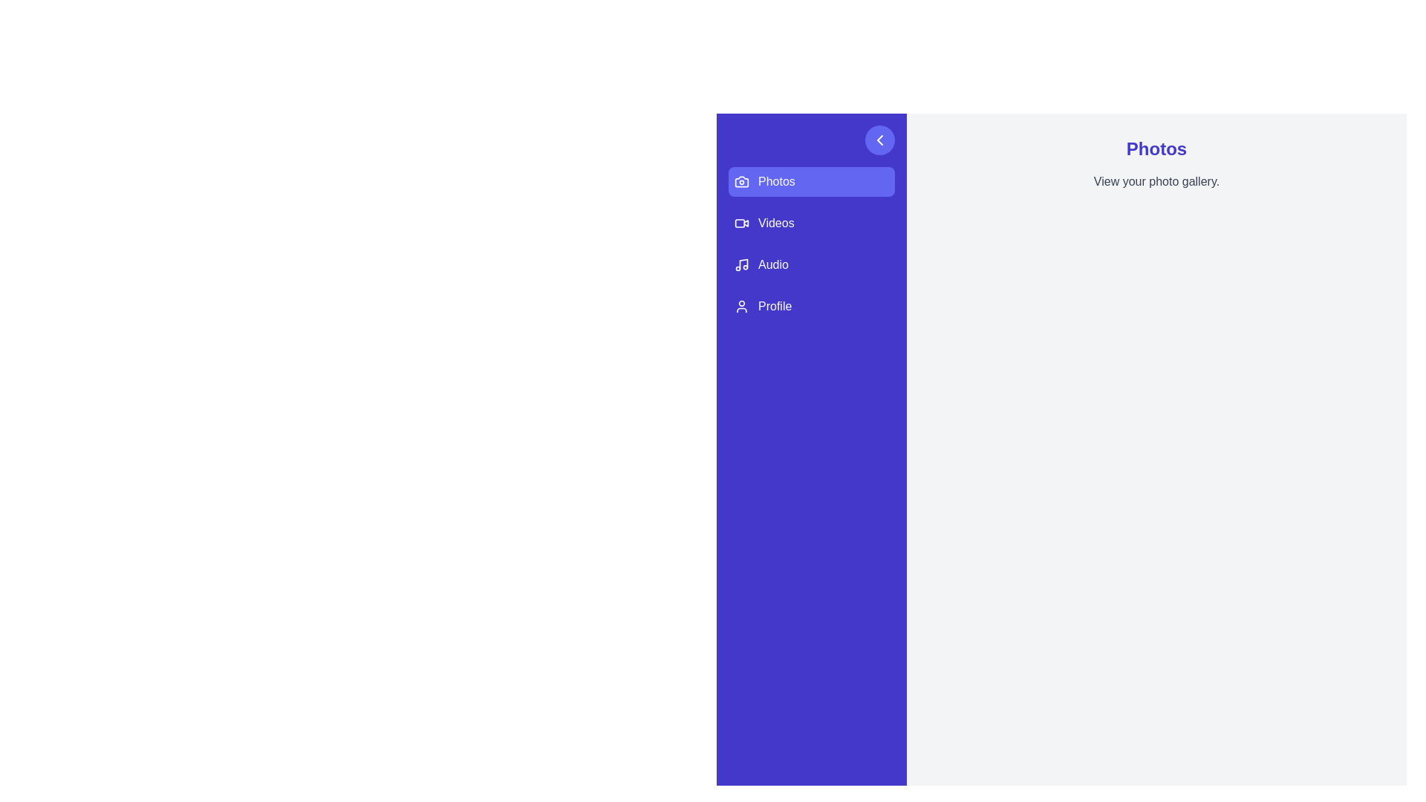 The image size is (1426, 802). What do you see at coordinates (811, 264) in the screenshot?
I see `the 'Audio' navigation menu item located in the sidebar, which is positioned third from the top, between 'Videos' and 'Profile'` at bounding box center [811, 264].